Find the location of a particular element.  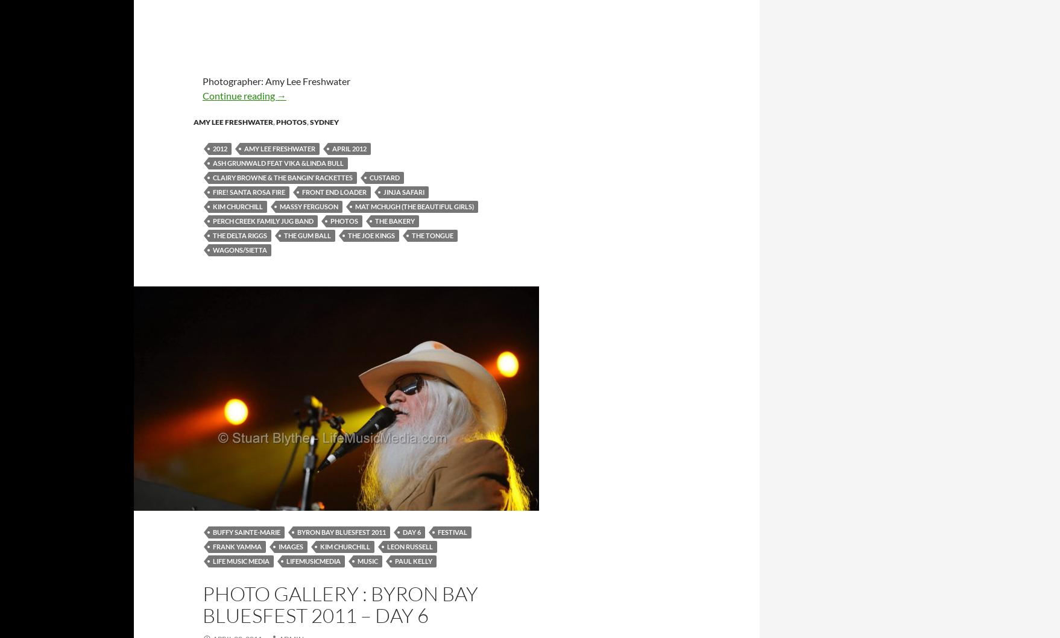

'Mat Mchugh (The Beautiful Girls)' is located at coordinates (355, 205).